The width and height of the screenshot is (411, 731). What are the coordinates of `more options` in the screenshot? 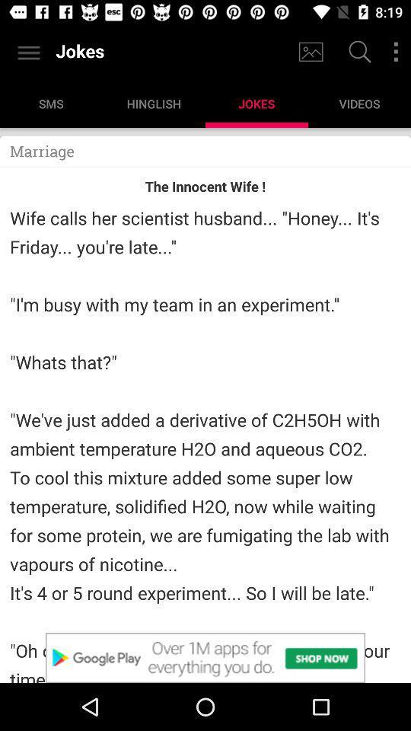 It's located at (396, 52).